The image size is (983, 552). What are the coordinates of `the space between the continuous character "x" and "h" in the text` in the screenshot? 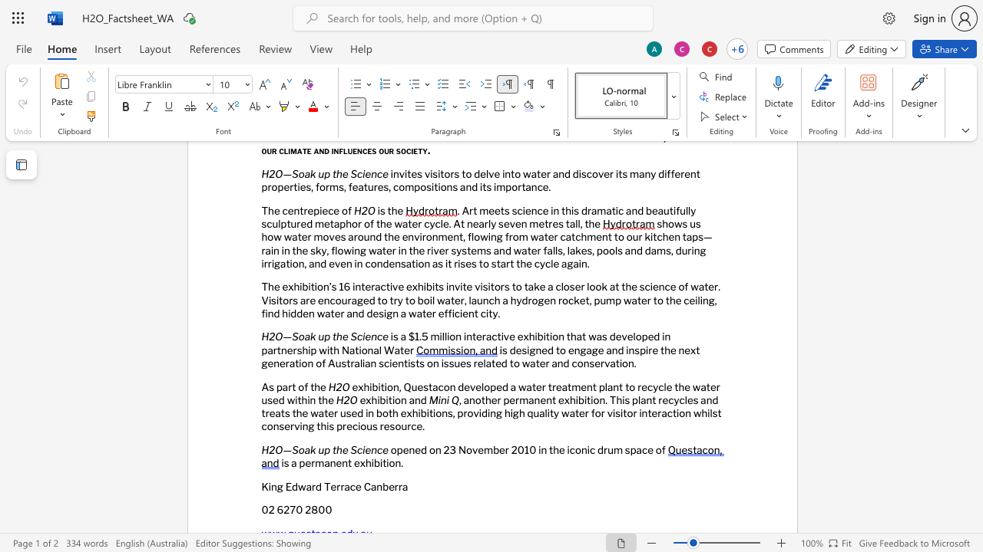 It's located at (371, 399).